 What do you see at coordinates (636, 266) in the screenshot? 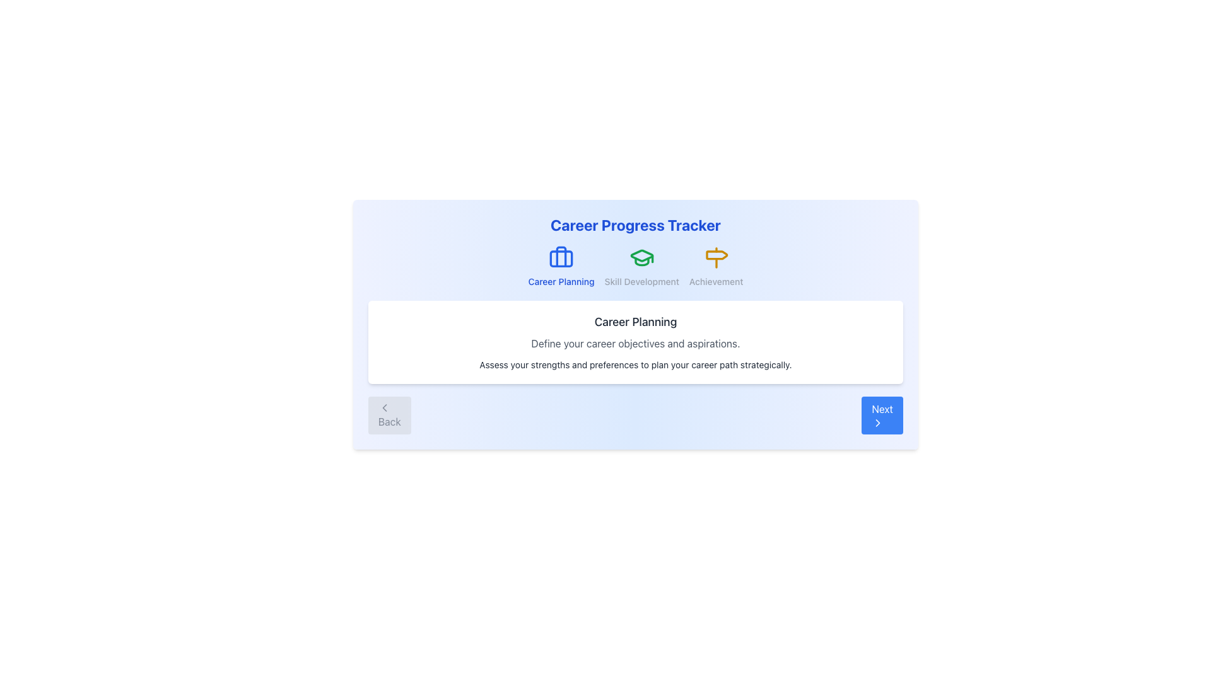
I see `the second Selectable Icon with Label representing the 'Skill Development' option in the 'Career Progress Tracker' section` at bounding box center [636, 266].